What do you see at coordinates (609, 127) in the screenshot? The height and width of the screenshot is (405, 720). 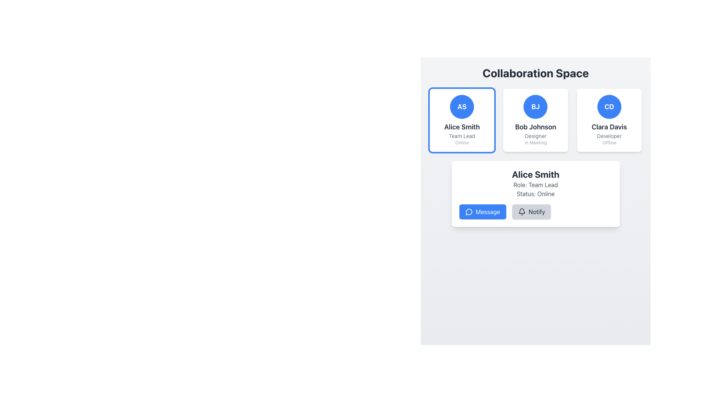 I see `the static text label displaying the full name of Clara Davis, which is positioned below the circular icon with initials 'CD' and above the label 'Developer' in the user profile card` at bounding box center [609, 127].